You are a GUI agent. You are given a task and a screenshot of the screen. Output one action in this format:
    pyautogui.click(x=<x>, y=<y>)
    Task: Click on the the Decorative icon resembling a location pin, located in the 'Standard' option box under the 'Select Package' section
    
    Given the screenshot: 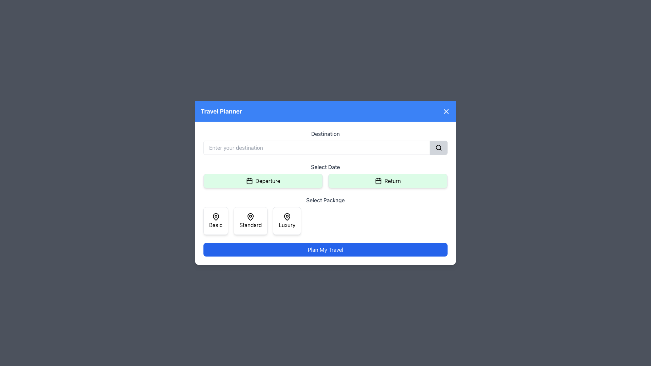 What is the action you would take?
    pyautogui.click(x=250, y=217)
    